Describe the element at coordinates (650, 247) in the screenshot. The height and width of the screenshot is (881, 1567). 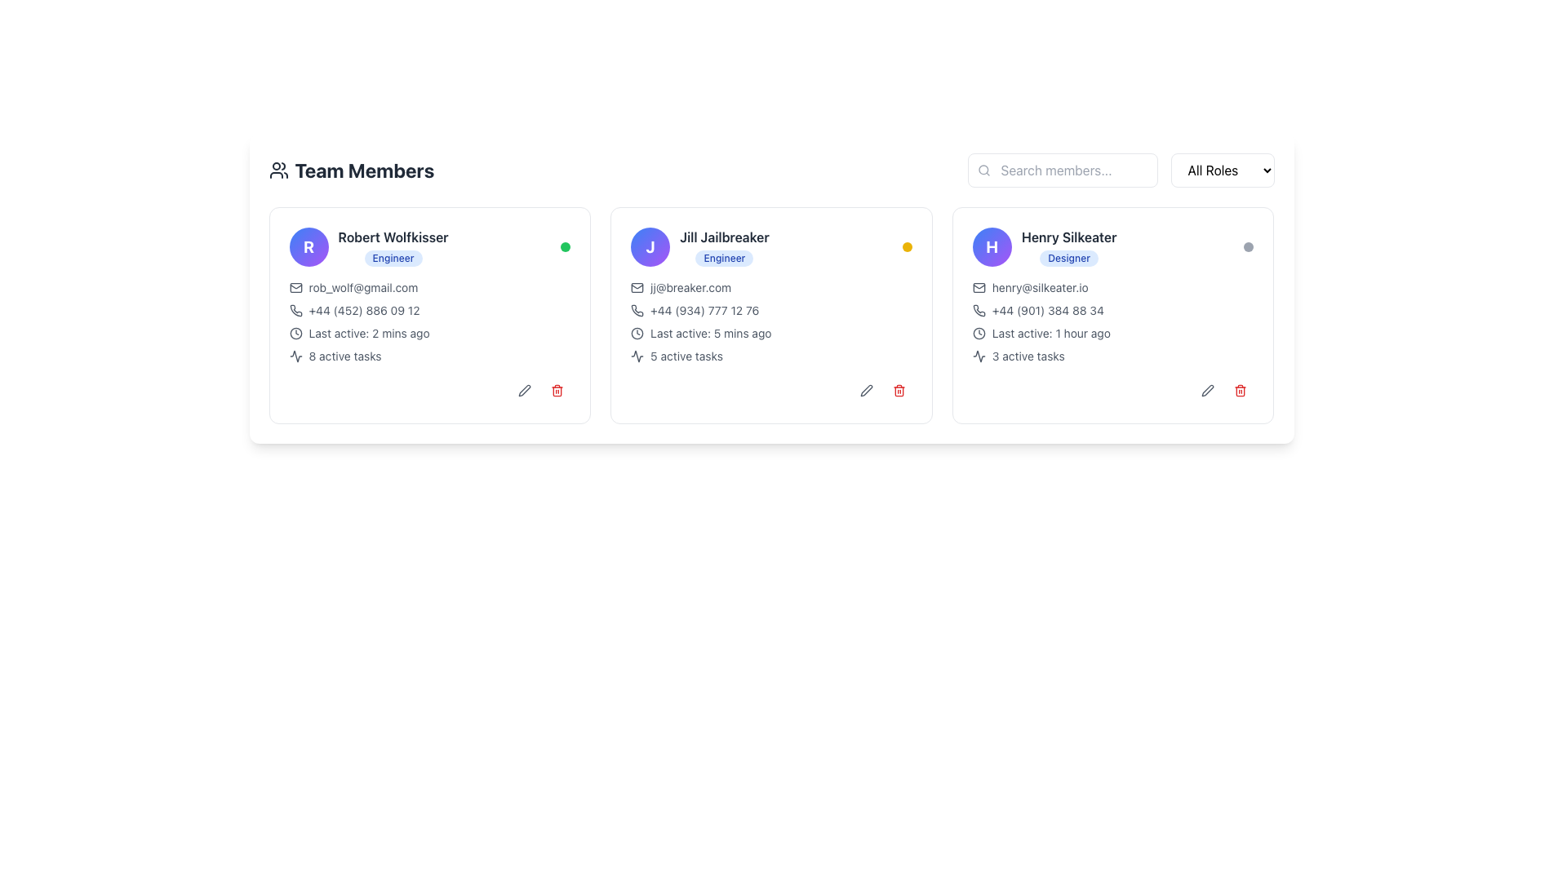
I see `the Avatar or Profile Picture of user 'Jill Jailbreaker'` at that location.